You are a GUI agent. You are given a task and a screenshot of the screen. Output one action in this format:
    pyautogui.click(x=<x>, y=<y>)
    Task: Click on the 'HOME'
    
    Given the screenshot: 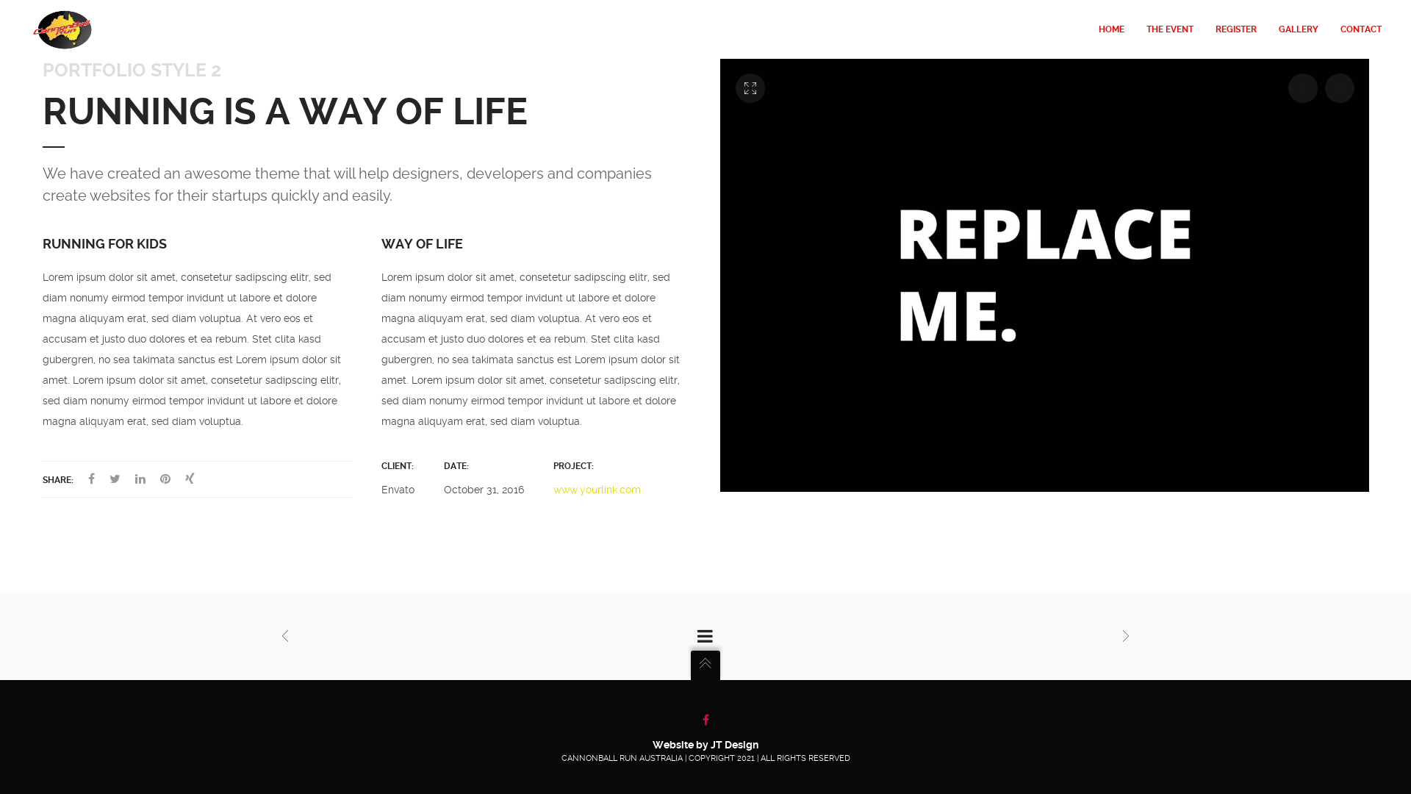 What is the action you would take?
    pyautogui.click(x=1111, y=29)
    